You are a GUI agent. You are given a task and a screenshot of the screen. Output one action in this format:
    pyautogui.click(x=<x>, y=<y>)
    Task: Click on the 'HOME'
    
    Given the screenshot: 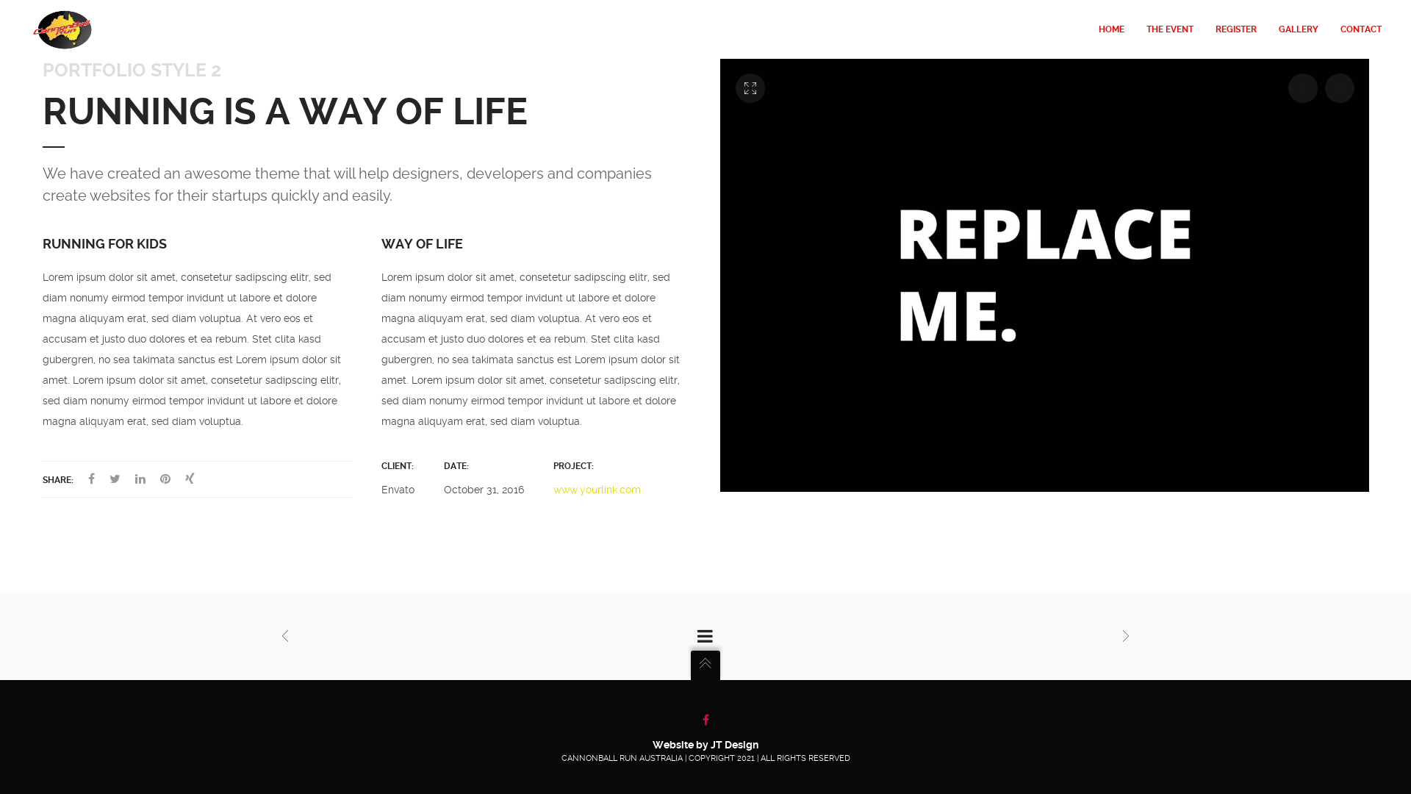 What is the action you would take?
    pyautogui.click(x=1111, y=29)
    